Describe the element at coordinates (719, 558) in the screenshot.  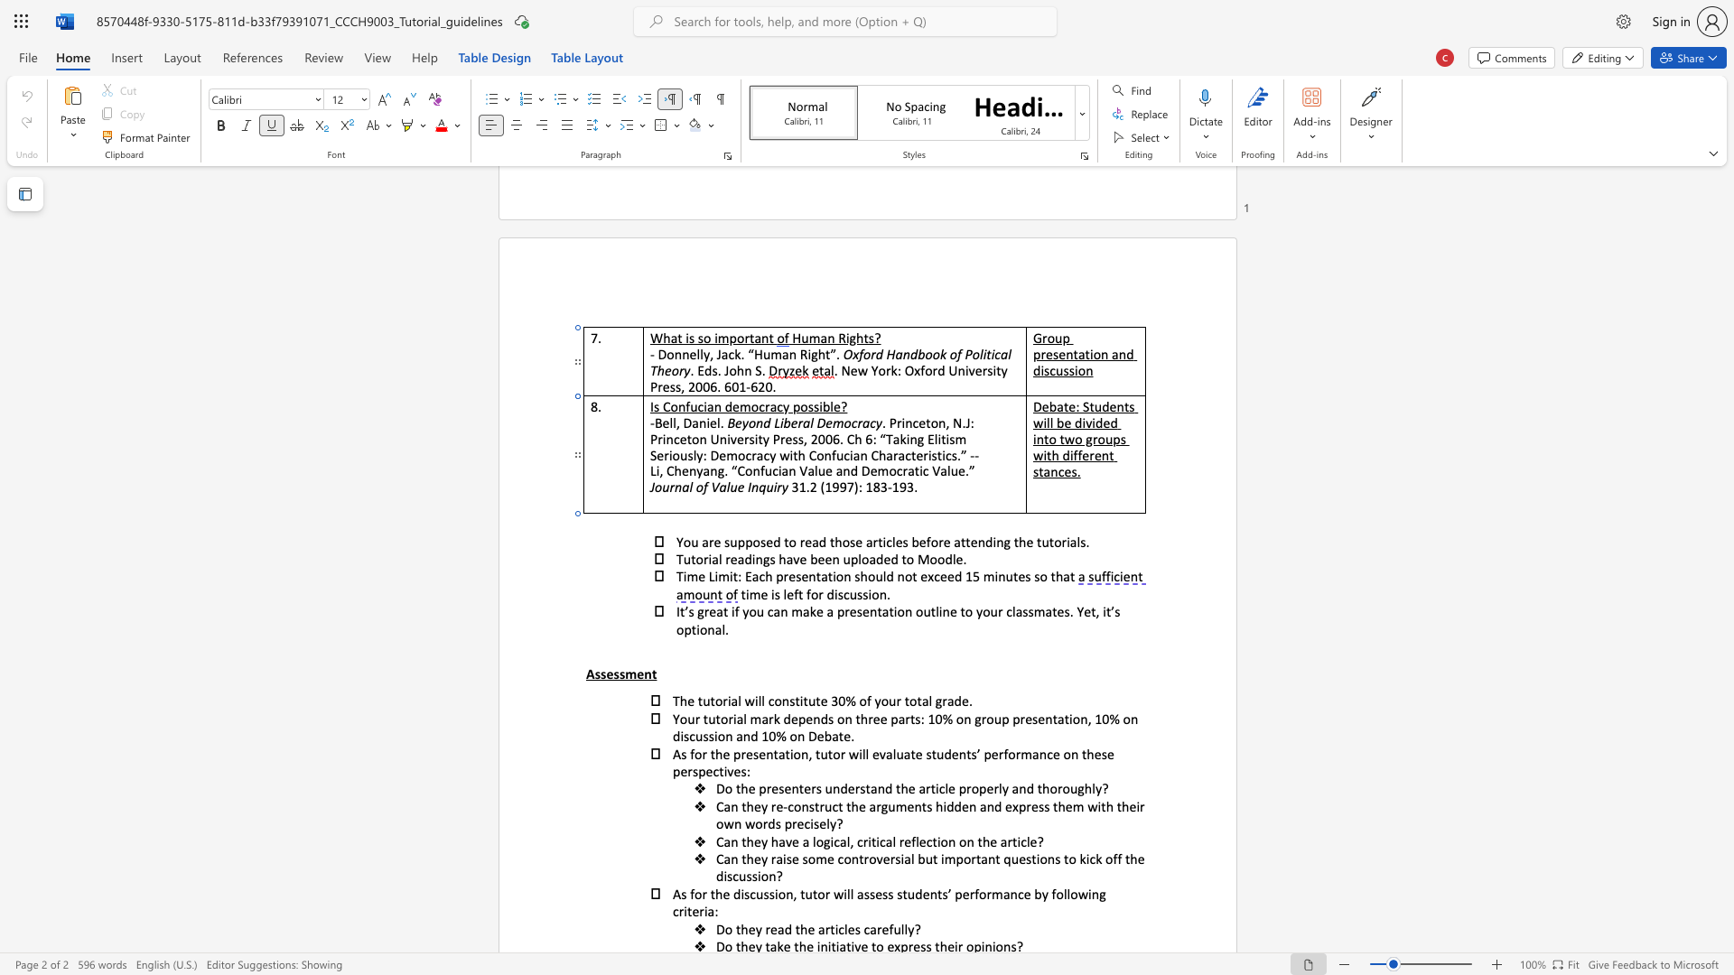
I see `the 1th character "l" in the text` at that location.